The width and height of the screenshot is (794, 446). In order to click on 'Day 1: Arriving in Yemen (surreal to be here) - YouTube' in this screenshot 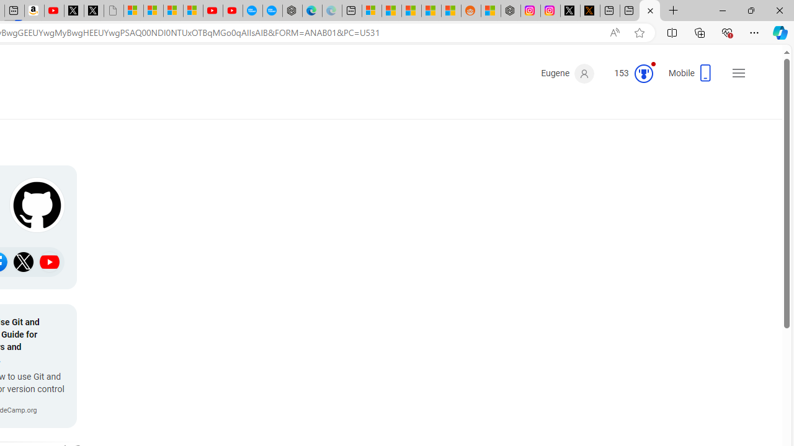, I will do `click(53, 11)`.